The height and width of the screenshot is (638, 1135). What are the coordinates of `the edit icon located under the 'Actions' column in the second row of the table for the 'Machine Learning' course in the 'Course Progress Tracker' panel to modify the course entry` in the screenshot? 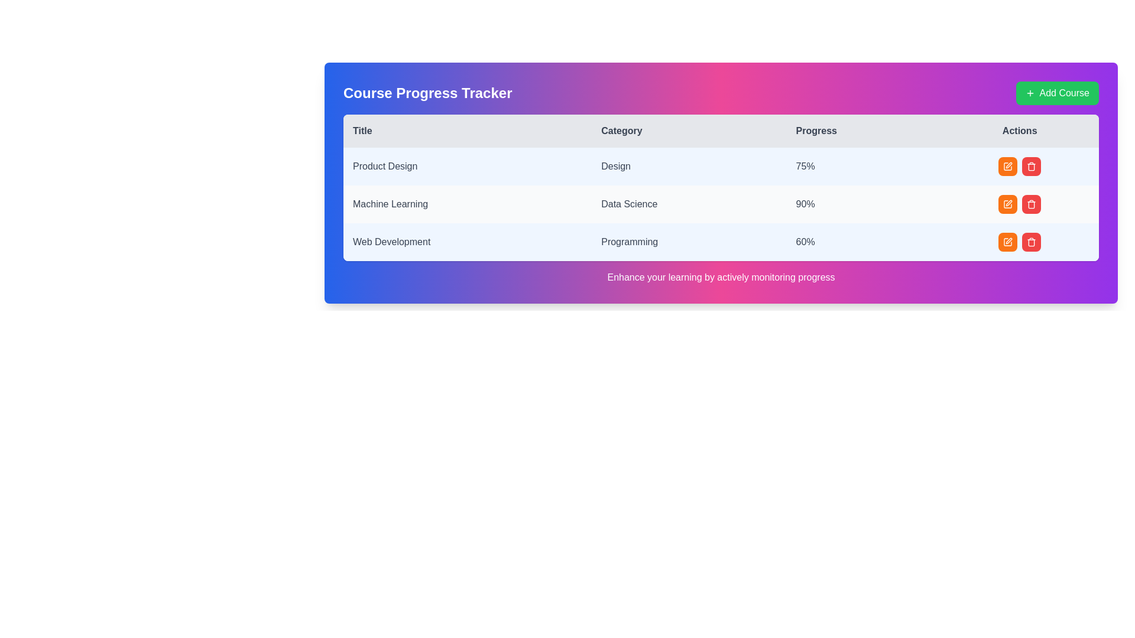 It's located at (1007, 204).